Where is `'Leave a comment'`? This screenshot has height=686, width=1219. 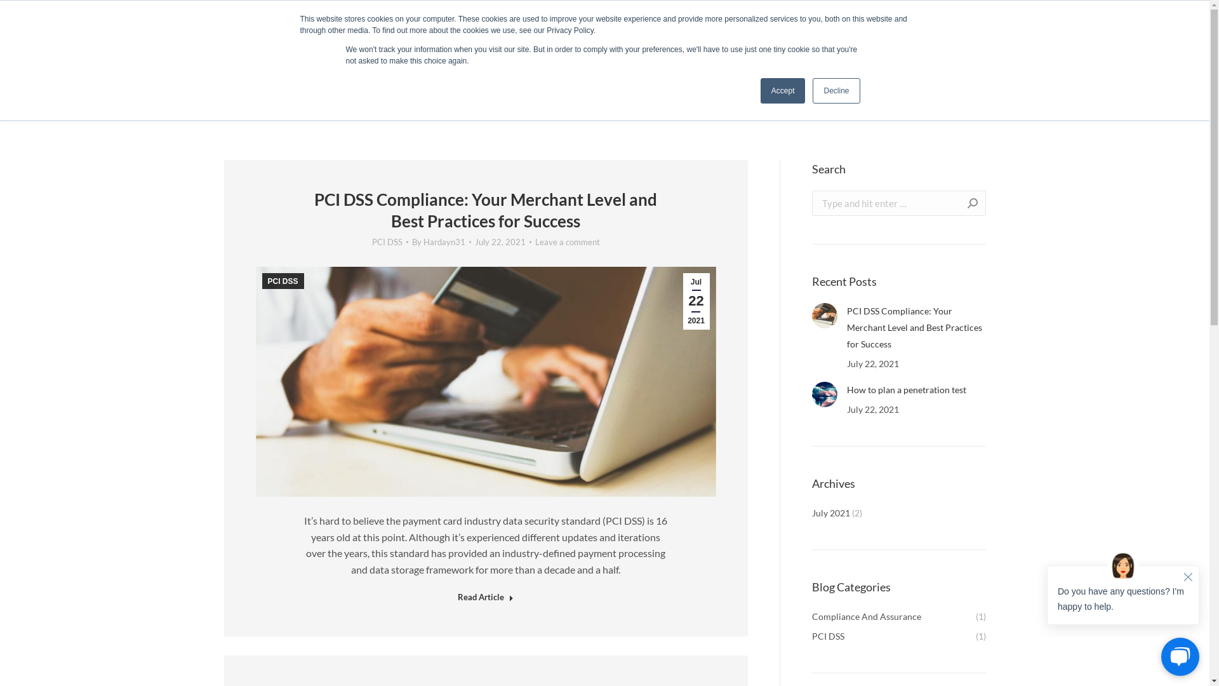 'Leave a comment' is located at coordinates (534, 242).